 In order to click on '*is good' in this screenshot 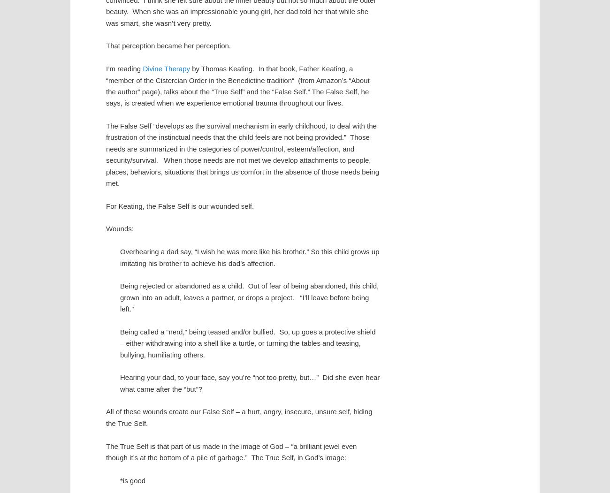, I will do `click(133, 479)`.